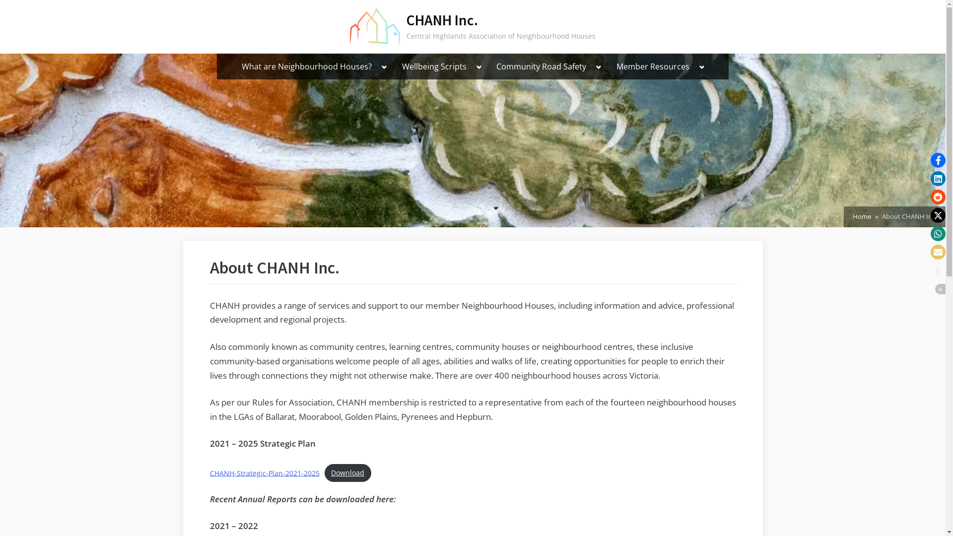 This screenshot has height=536, width=953. Describe the element at coordinates (701, 67) in the screenshot. I see `'Toggle sub-menu'` at that location.